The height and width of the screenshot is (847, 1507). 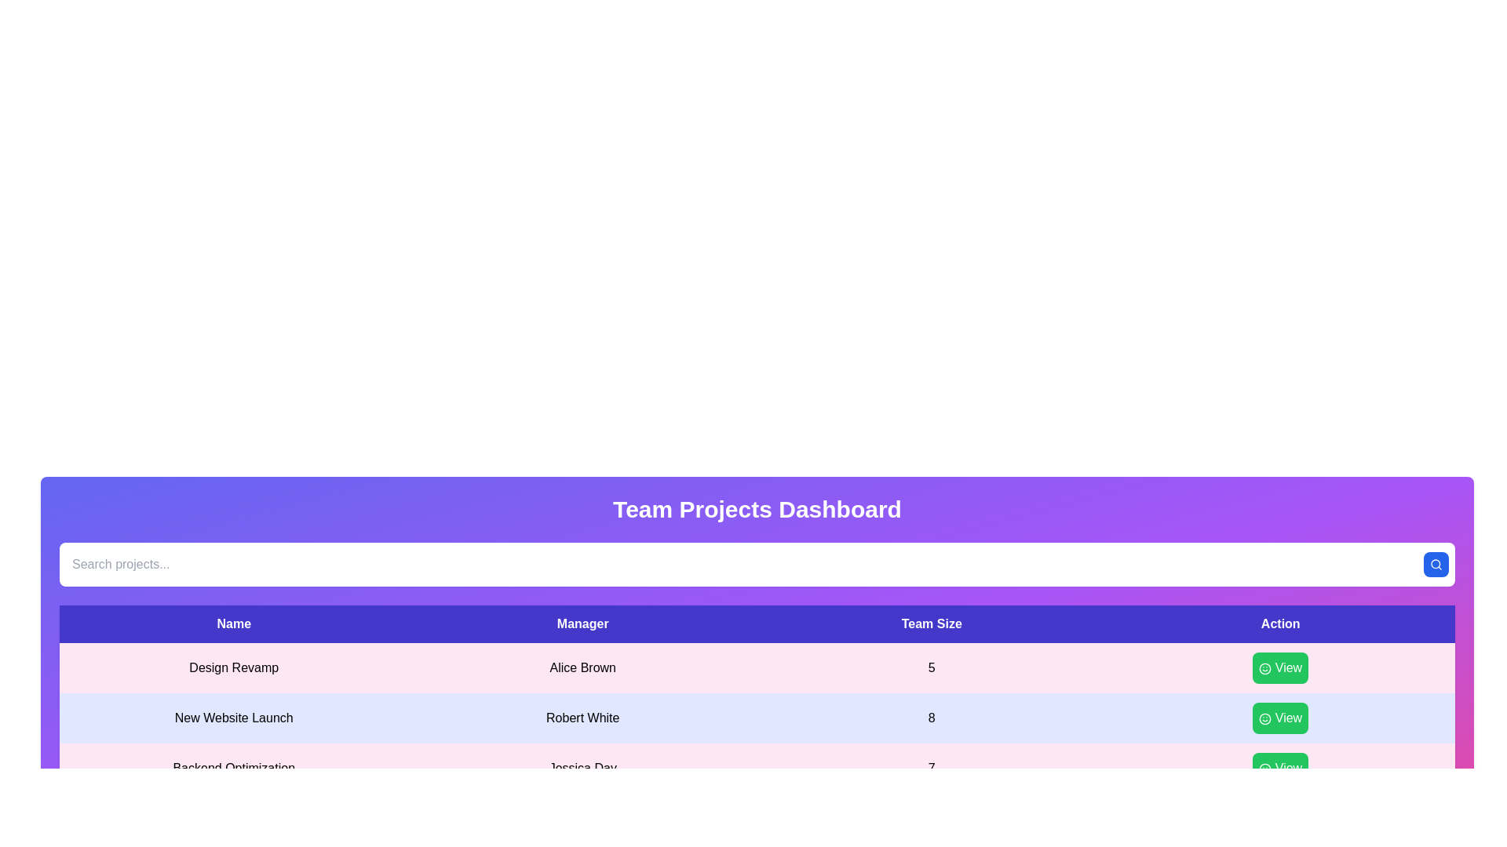 I want to click on the text label displaying 'Jessica Day' in bold, located under the 'Manager' column of the last row in the table, so click(x=582, y=767).